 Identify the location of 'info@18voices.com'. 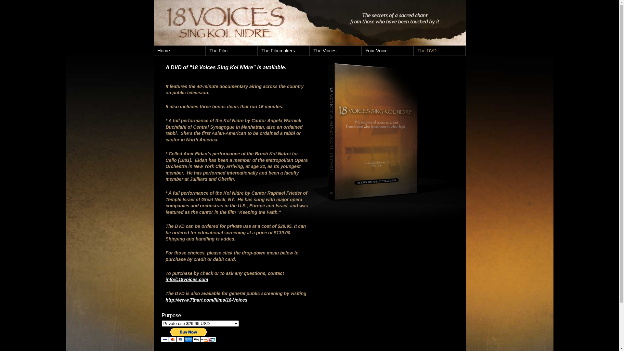
(187, 279).